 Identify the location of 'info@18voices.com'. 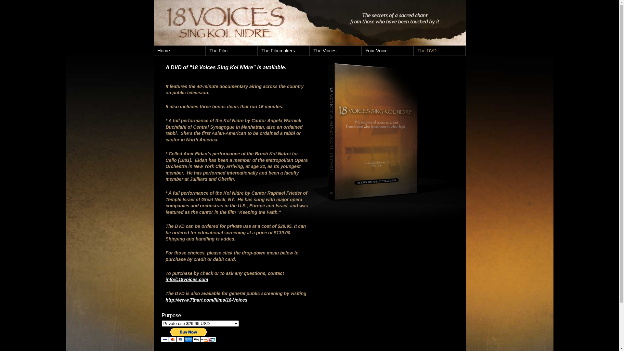
(187, 279).